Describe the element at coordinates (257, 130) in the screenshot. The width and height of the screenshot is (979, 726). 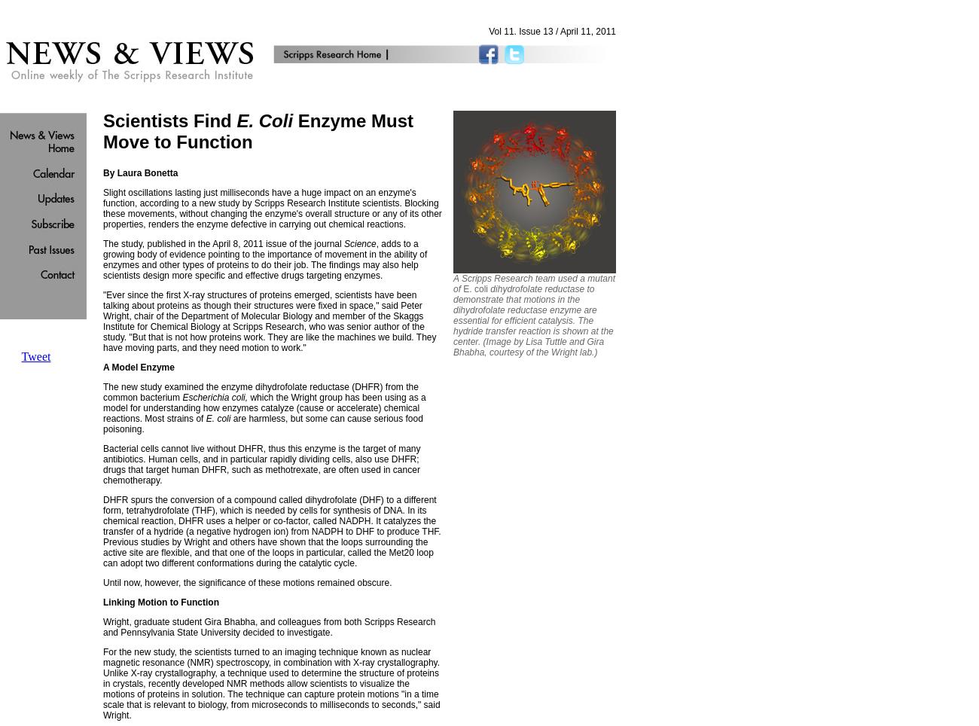
I see `'Enzyme Must Move to Function'` at that location.